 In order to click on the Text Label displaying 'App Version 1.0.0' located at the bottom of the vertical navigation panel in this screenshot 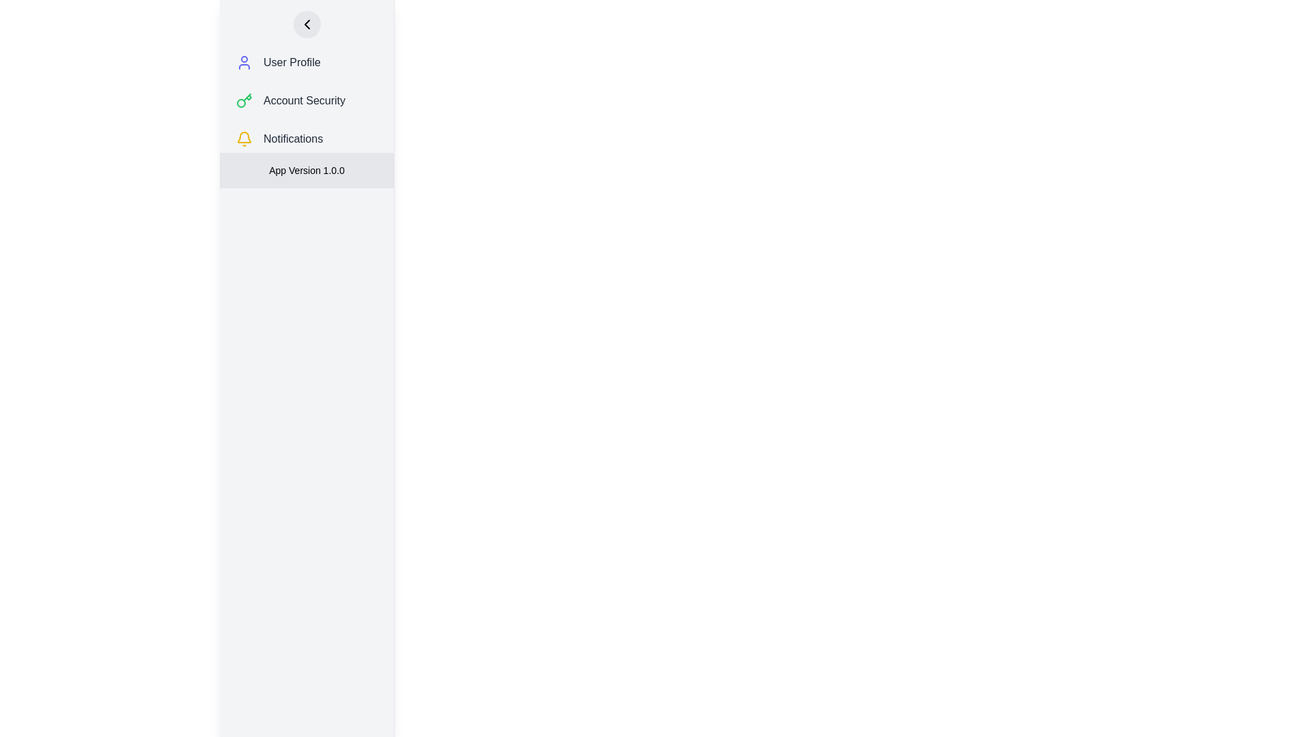, I will do `click(306, 170)`.